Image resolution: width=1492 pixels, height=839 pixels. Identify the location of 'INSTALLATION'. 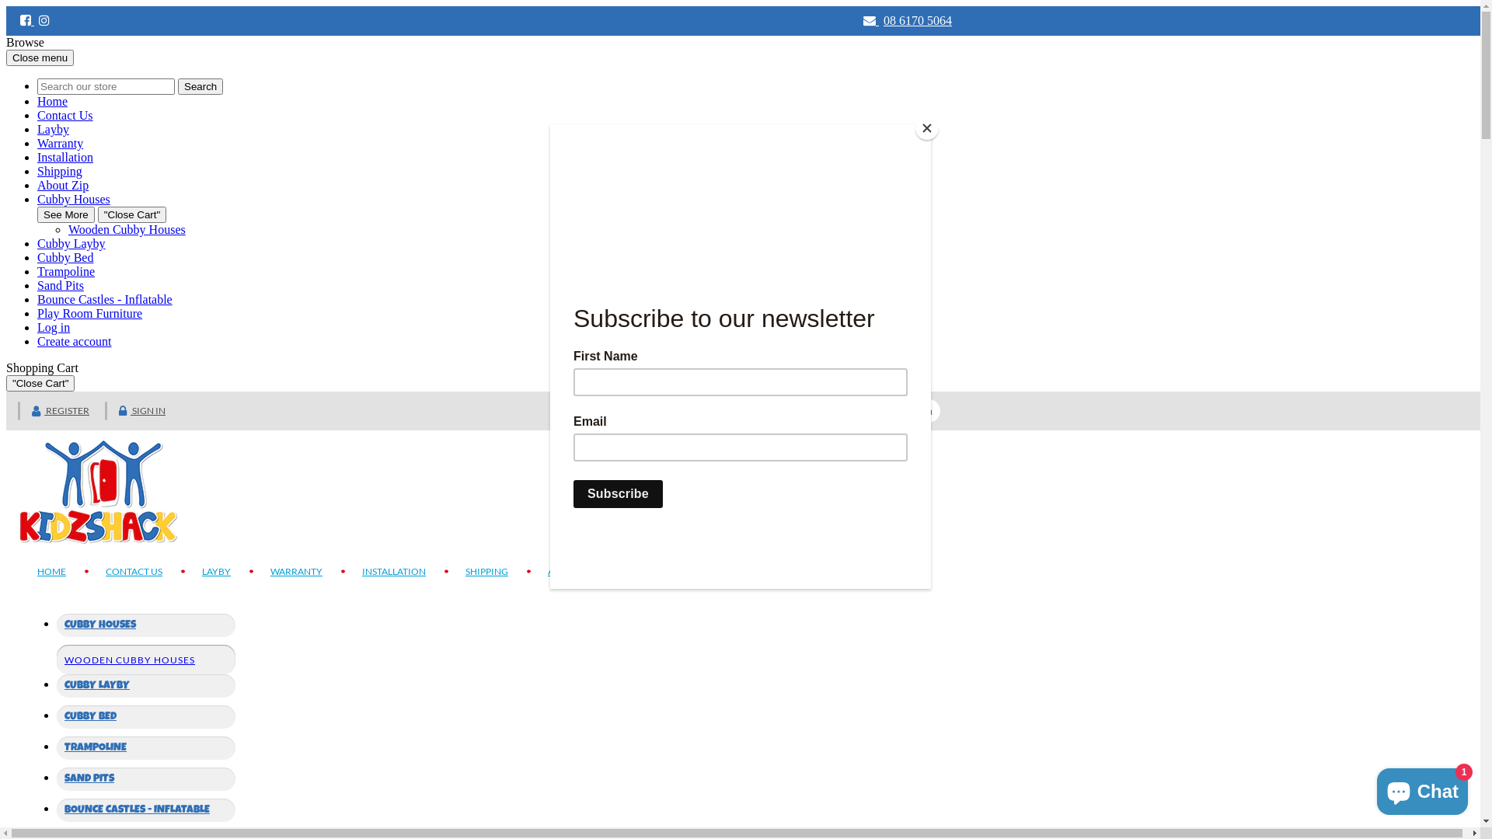
(394, 571).